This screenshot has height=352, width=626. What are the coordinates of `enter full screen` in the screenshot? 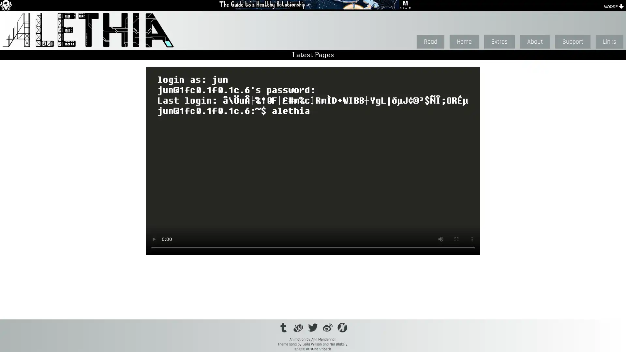 It's located at (456, 239).